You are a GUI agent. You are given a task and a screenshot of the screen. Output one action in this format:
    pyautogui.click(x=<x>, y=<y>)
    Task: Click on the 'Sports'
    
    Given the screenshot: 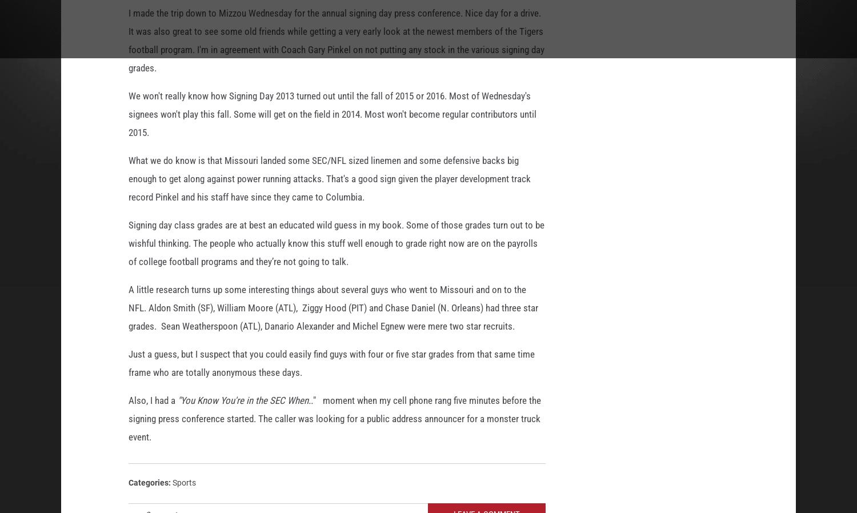 What is the action you would take?
    pyautogui.click(x=183, y=484)
    